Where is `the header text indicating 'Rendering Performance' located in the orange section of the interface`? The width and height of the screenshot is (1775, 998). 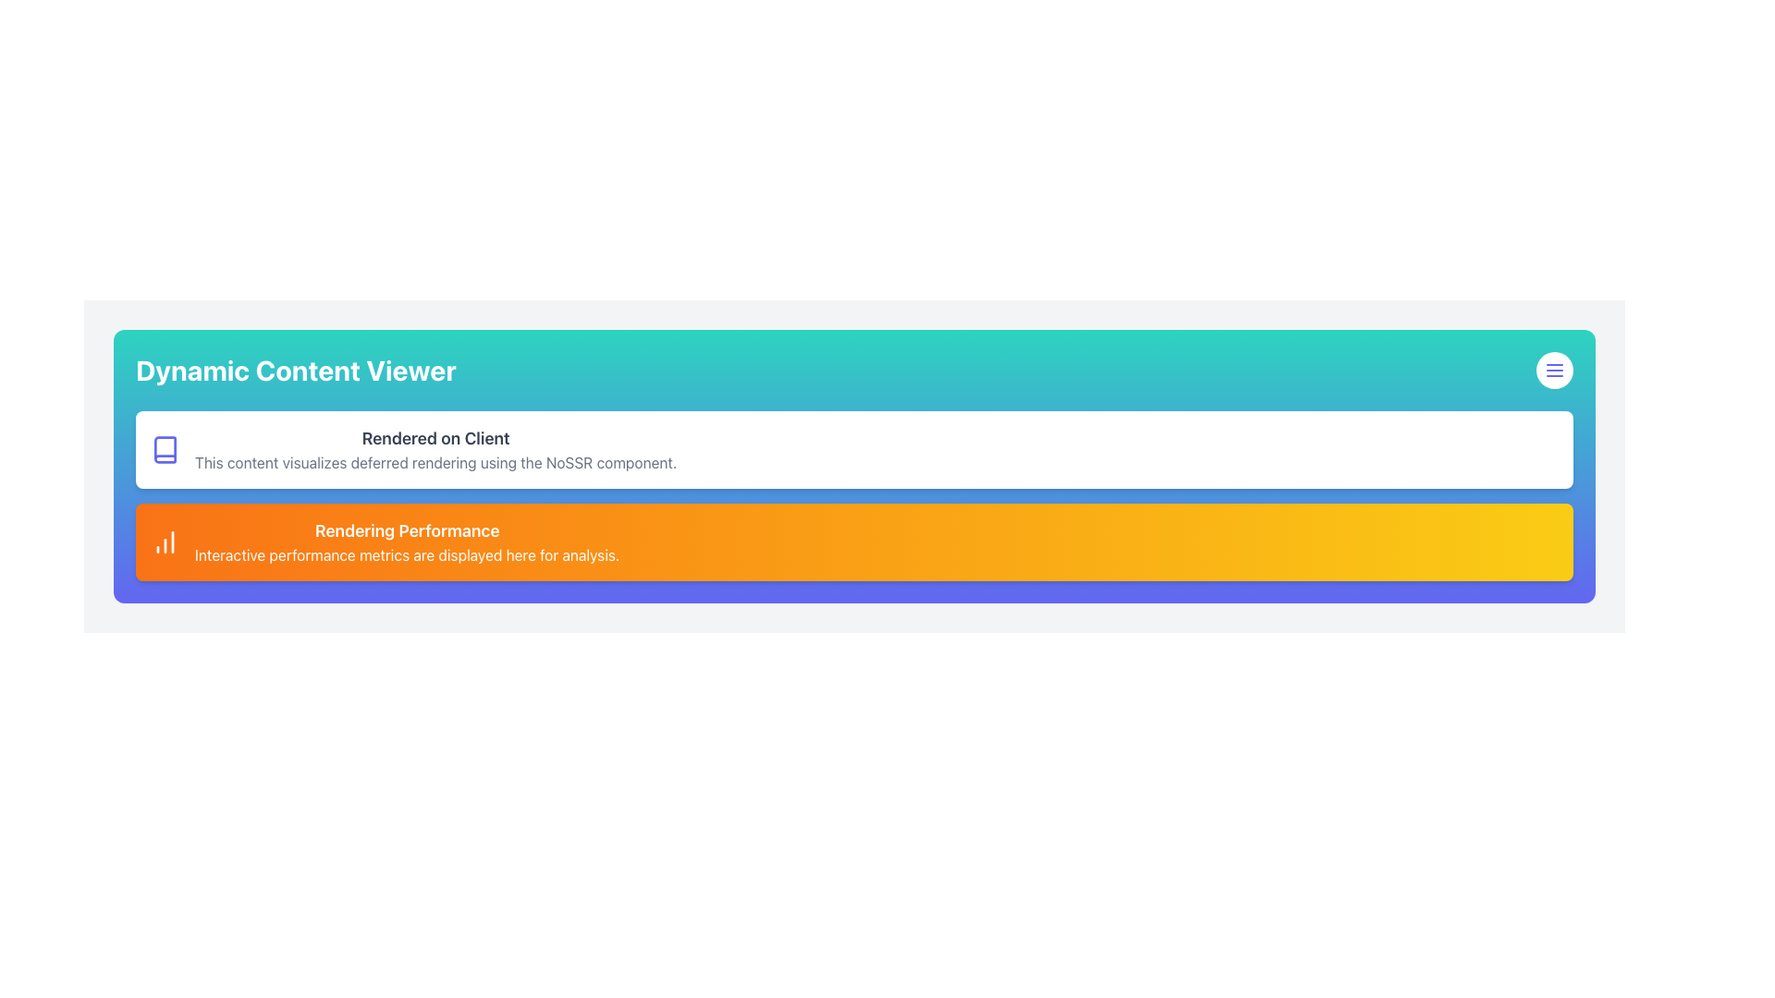 the header text indicating 'Rendering Performance' located in the orange section of the interface is located at coordinates (406, 530).